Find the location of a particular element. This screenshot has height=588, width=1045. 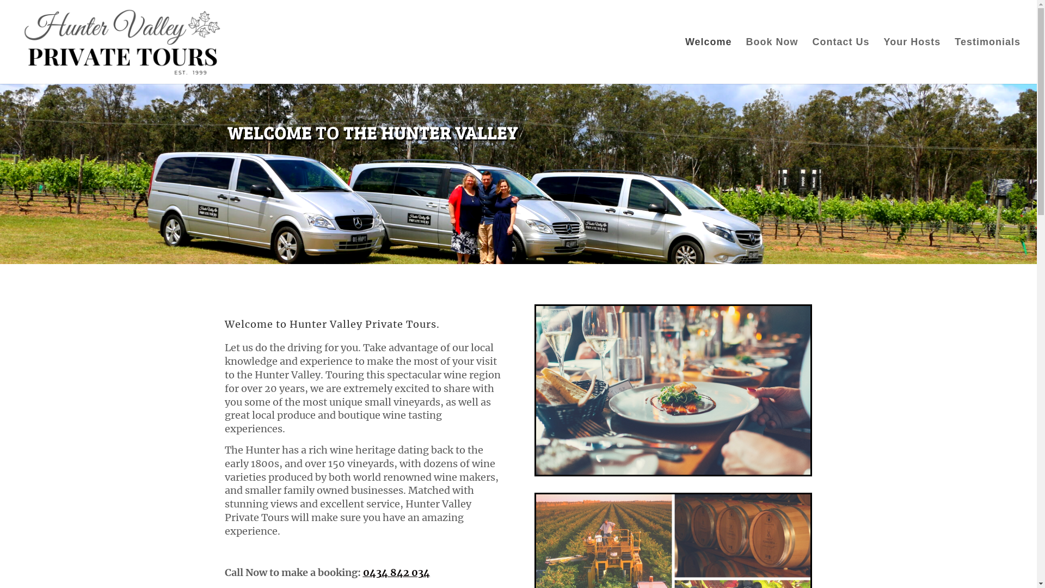

'Book Now' is located at coordinates (772, 60).